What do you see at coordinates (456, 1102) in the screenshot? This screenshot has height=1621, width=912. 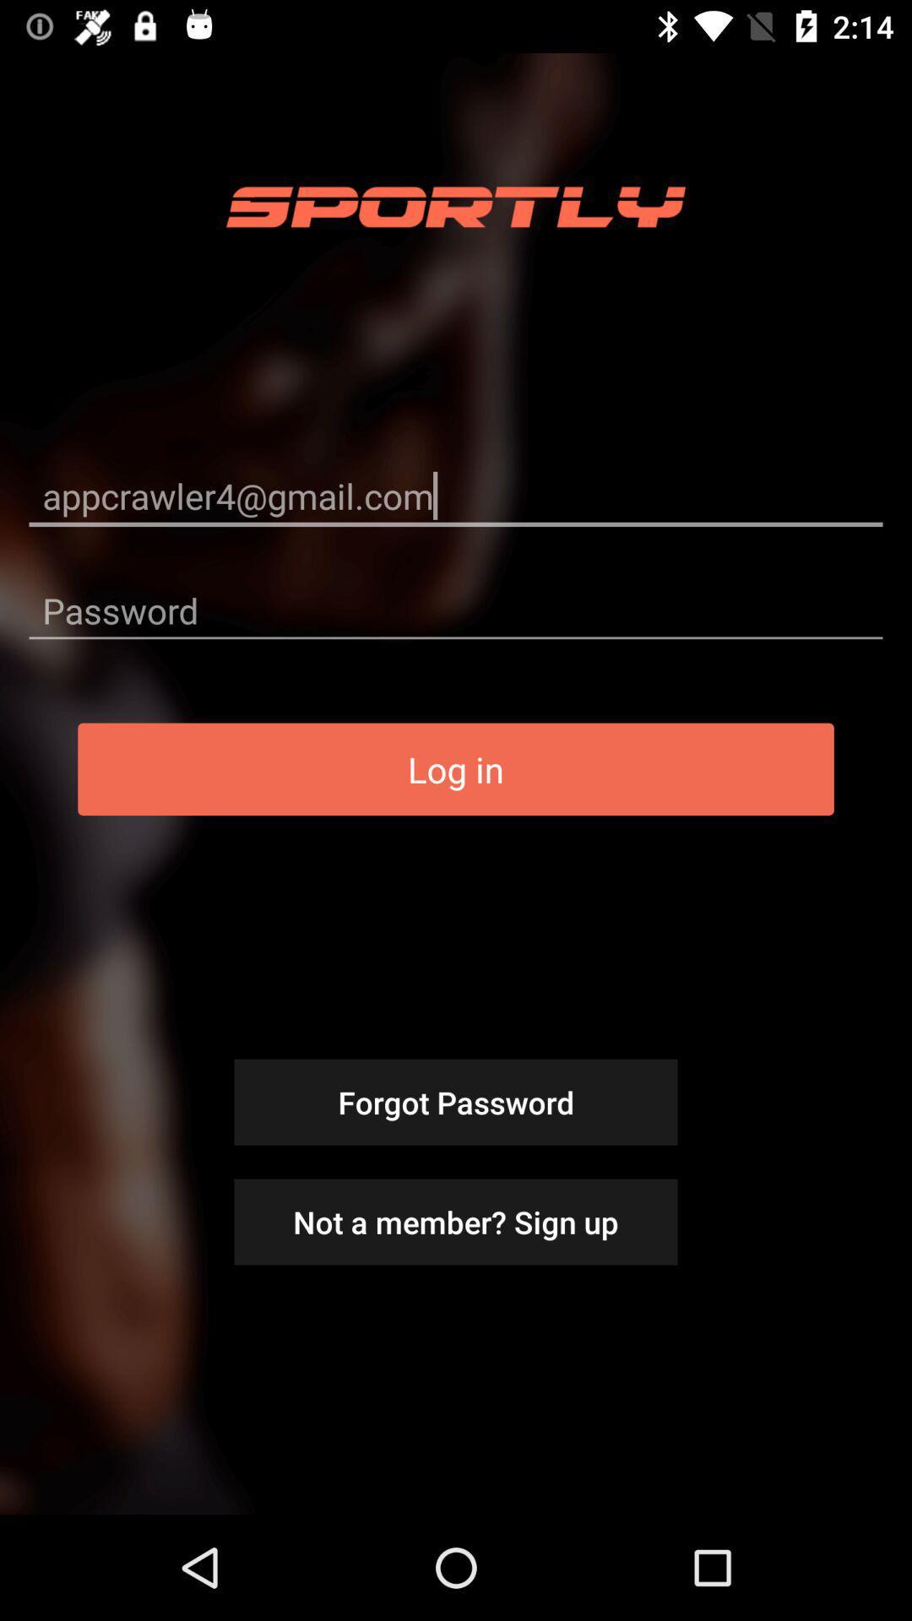 I see `forgot password icon` at bounding box center [456, 1102].